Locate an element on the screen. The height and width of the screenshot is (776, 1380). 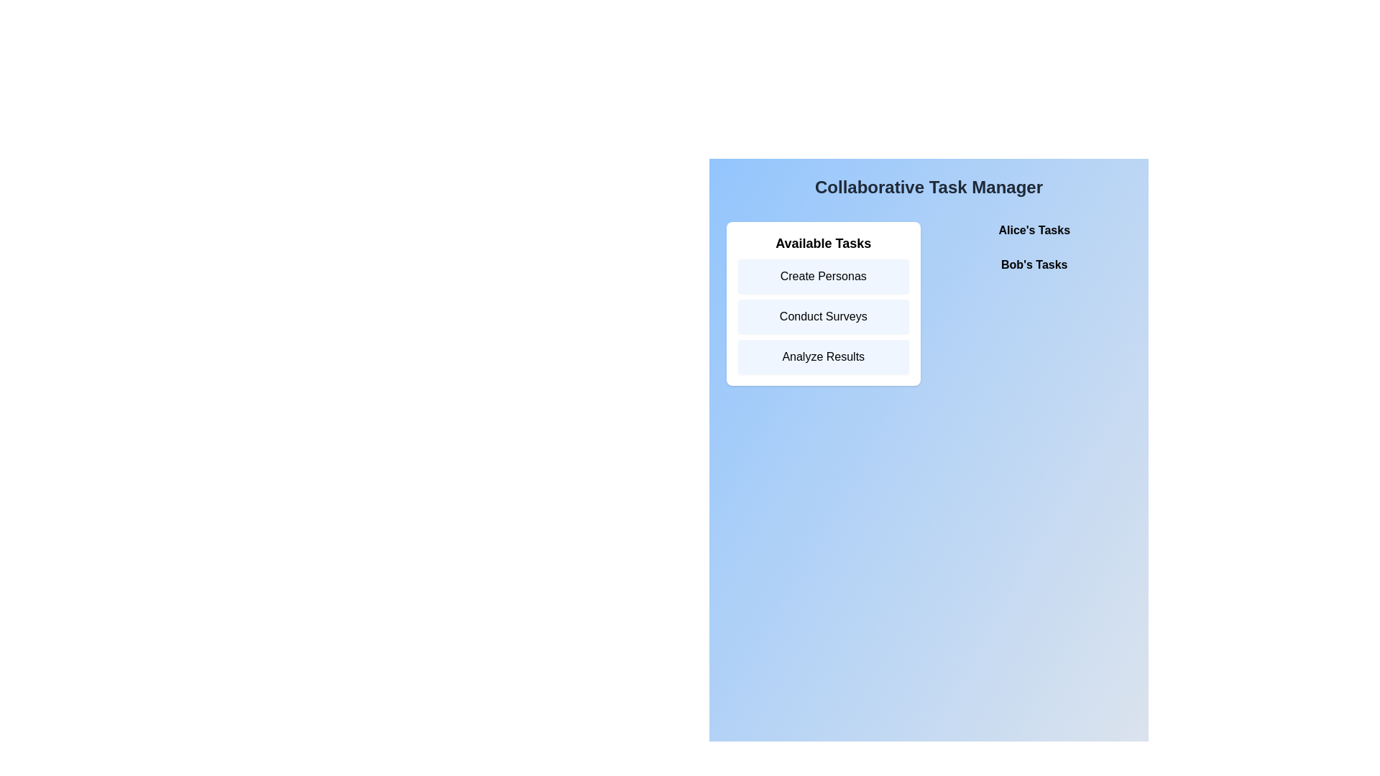
the 'Available Tasks' section to view the list of tasks is located at coordinates (823, 303).